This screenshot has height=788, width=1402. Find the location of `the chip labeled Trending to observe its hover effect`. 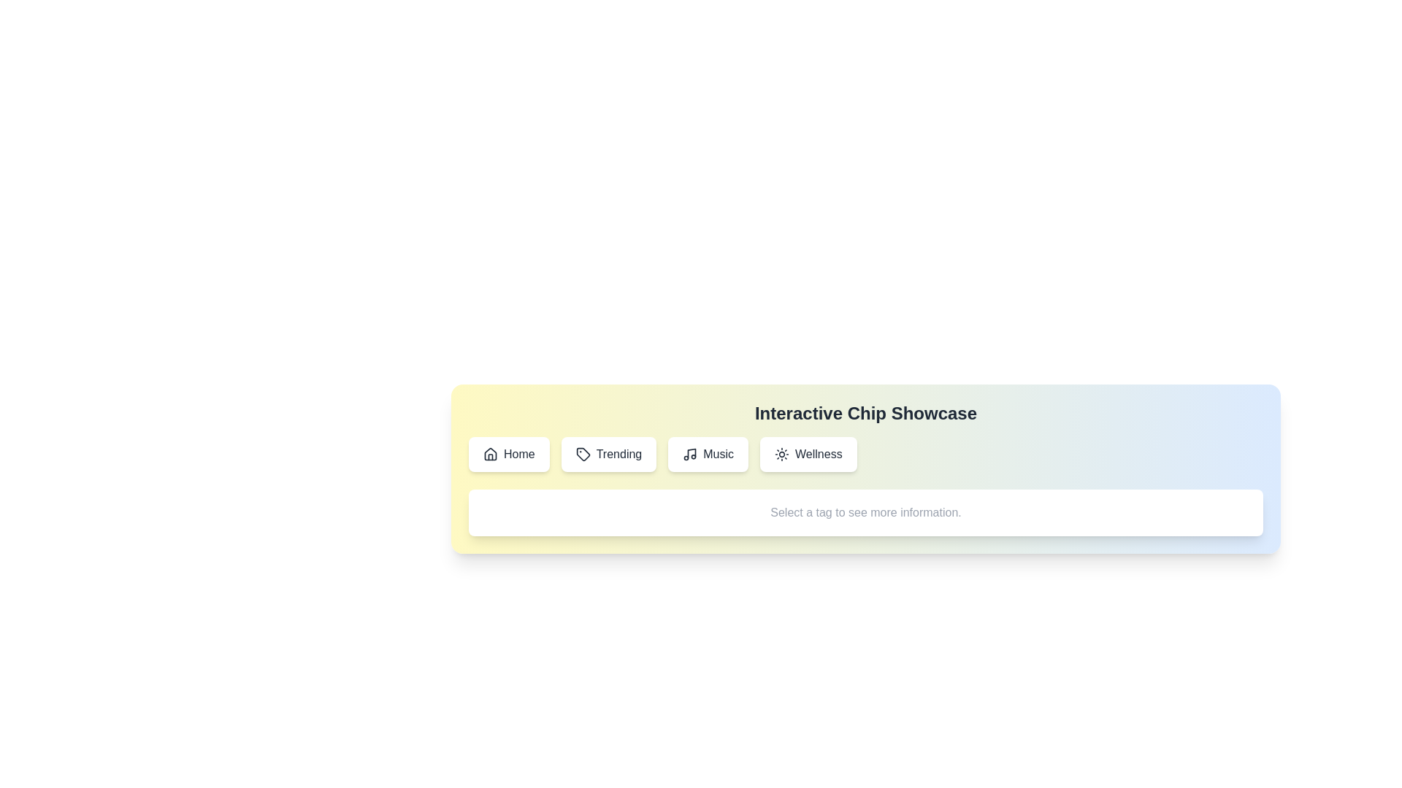

the chip labeled Trending to observe its hover effect is located at coordinates (609, 454).